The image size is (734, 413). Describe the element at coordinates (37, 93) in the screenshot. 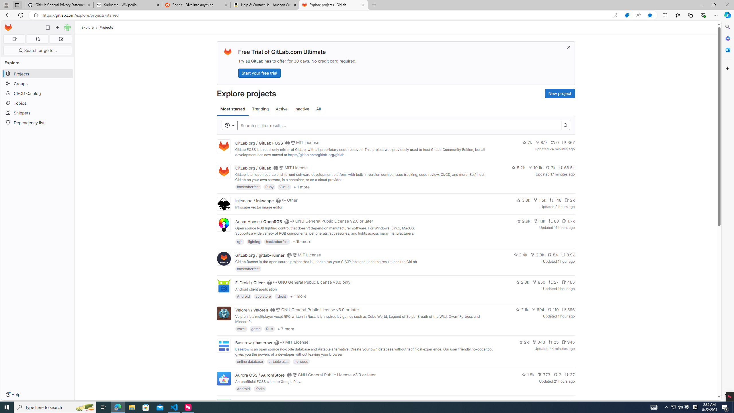

I see `'CI/CD Catalog'` at that location.